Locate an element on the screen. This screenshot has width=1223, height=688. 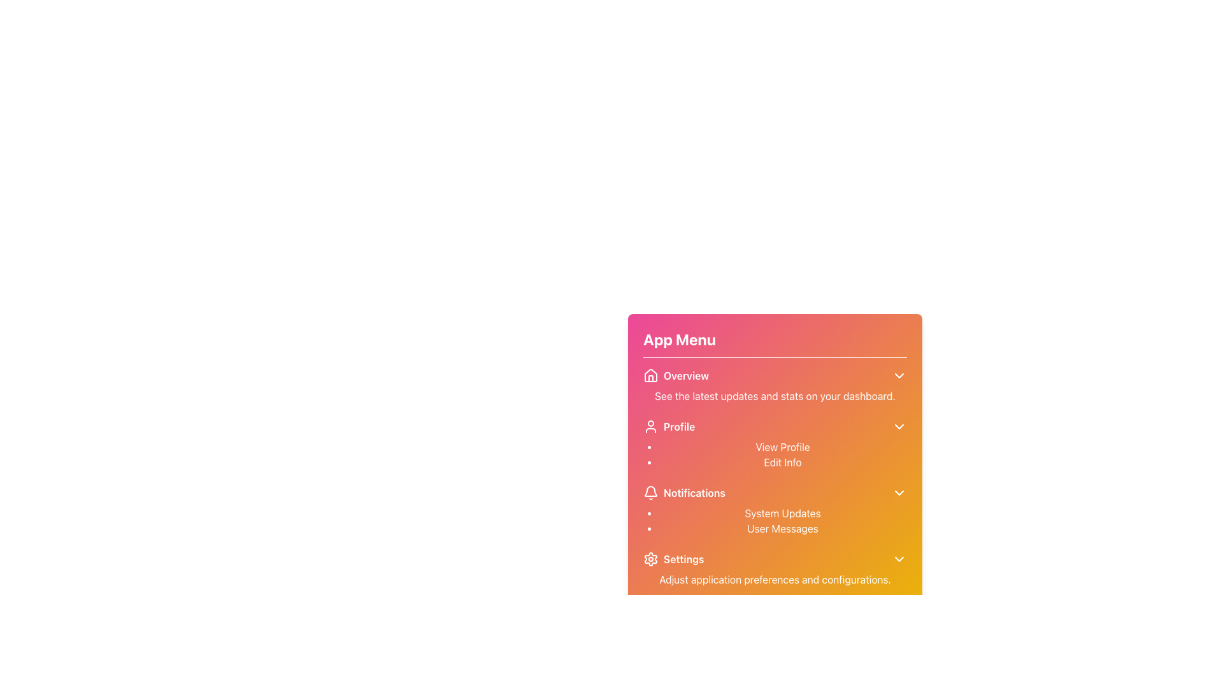
the informative text that reads 'See the latest updates and stats on your dashboard.' located below the 'Overview' section header in the sidebar menu is located at coordinates (775, 395).